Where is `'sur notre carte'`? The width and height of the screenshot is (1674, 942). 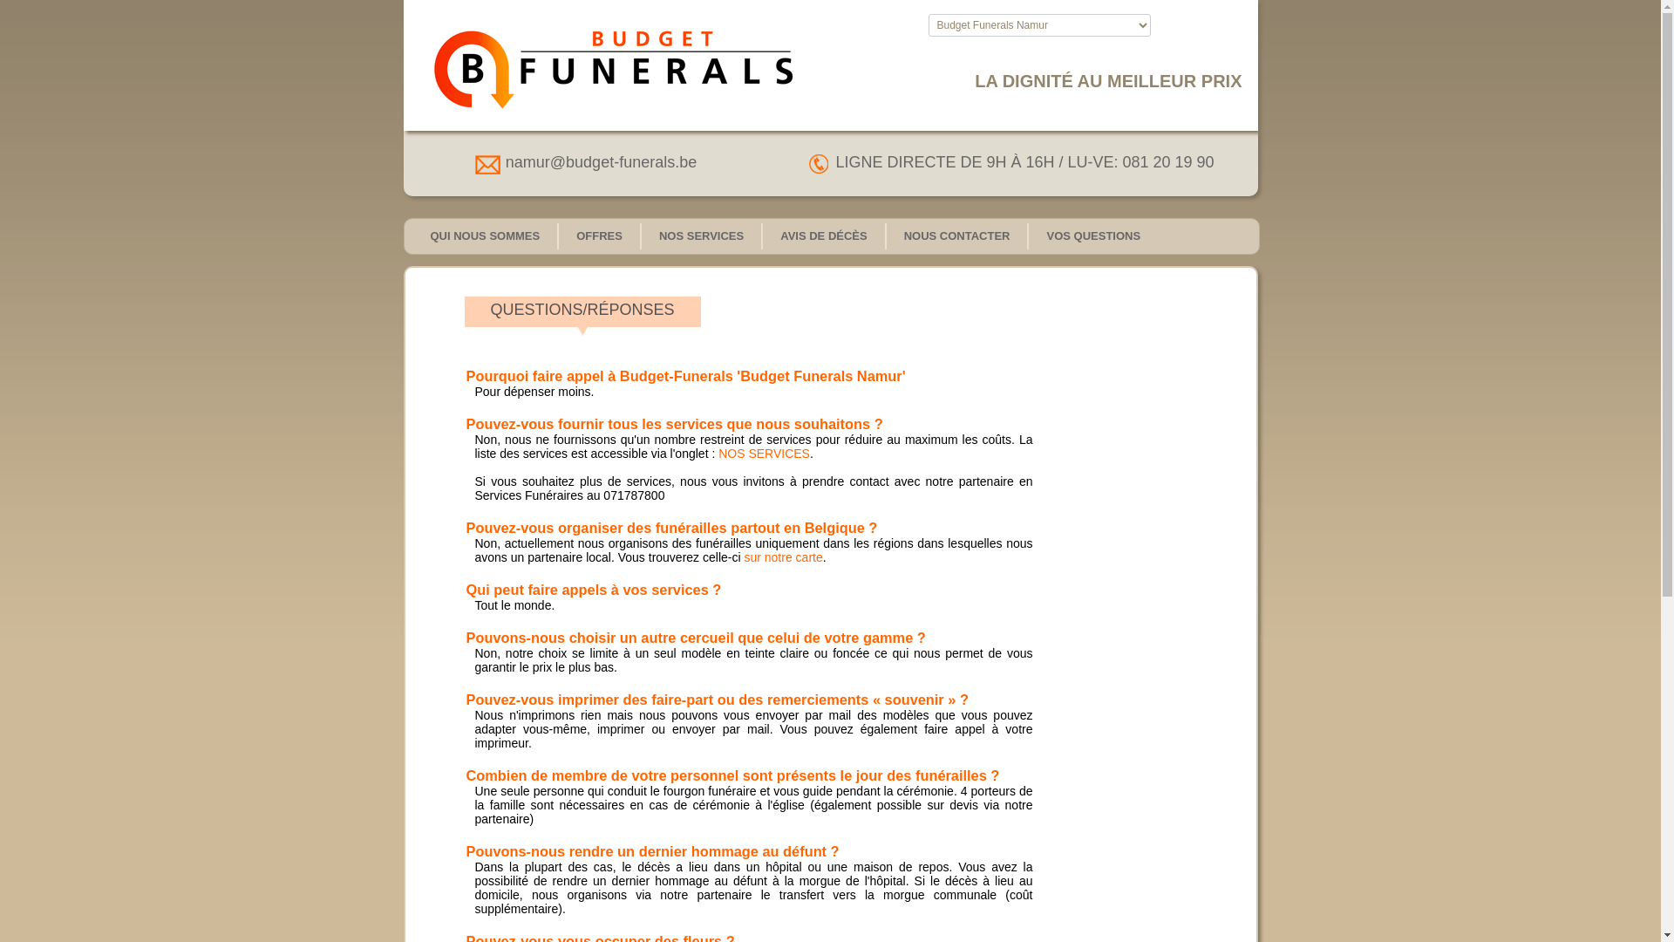 'sur notre carte' is located at coordinates (781, 557).